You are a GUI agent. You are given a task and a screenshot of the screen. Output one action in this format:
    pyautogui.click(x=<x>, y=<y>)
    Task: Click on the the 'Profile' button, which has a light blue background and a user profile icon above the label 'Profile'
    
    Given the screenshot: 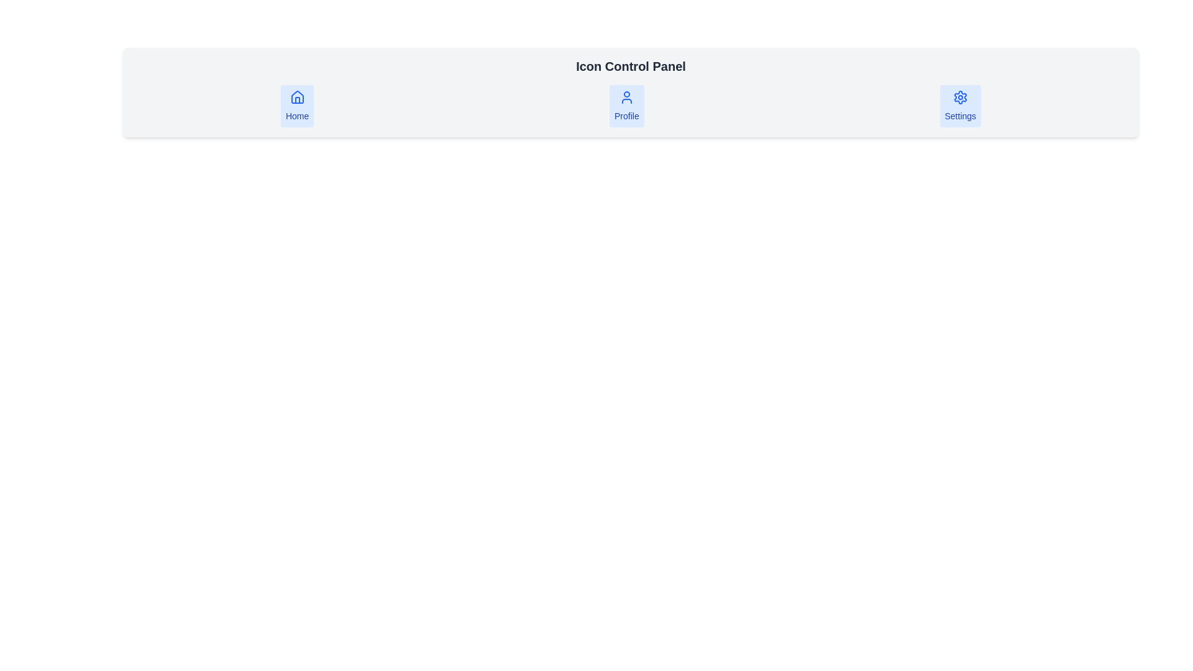 What is the action you would take?
    pyautogui.click(x=626, y=105)
    